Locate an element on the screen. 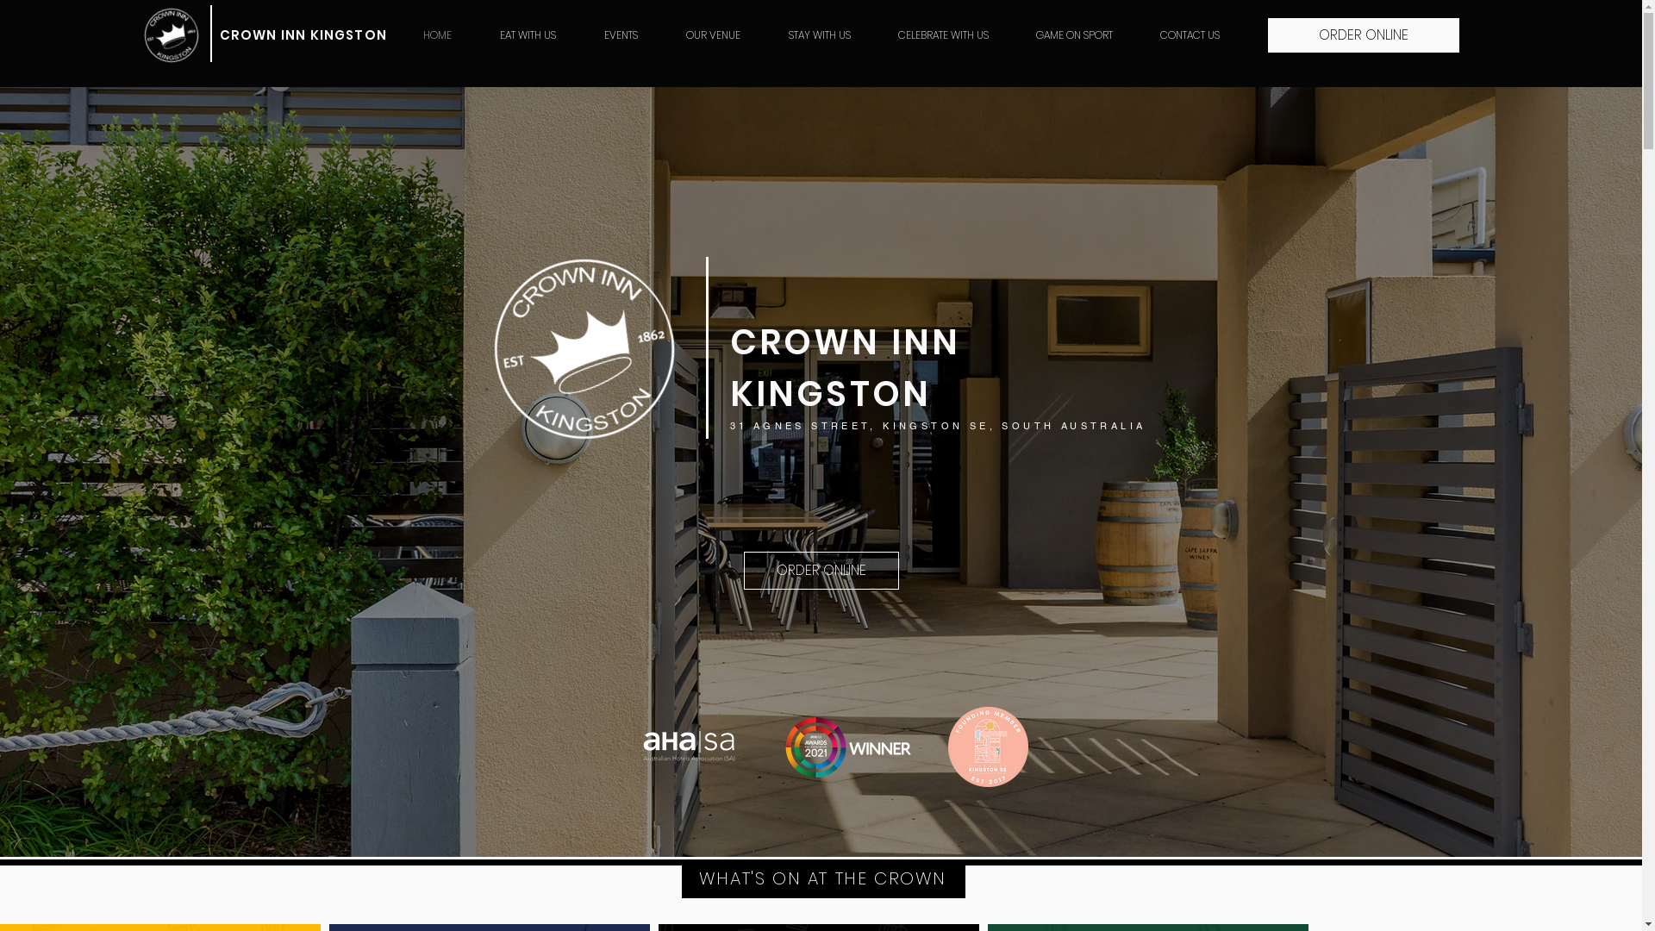 The height and width of the screenshot is (931, 1655). 'EAT WITH US' is located at coordinates (527, 34).